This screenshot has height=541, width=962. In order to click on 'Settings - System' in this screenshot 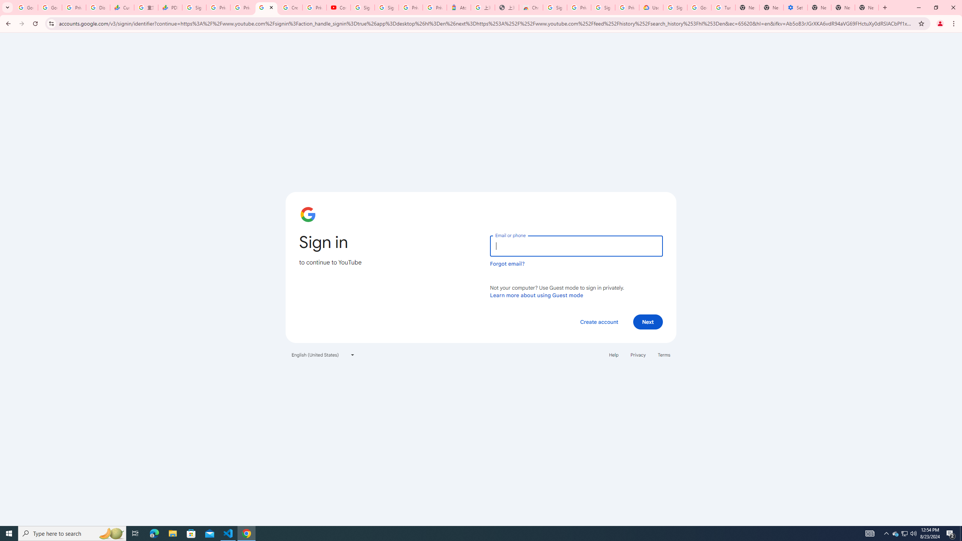, I will do `click(795, 7)`.